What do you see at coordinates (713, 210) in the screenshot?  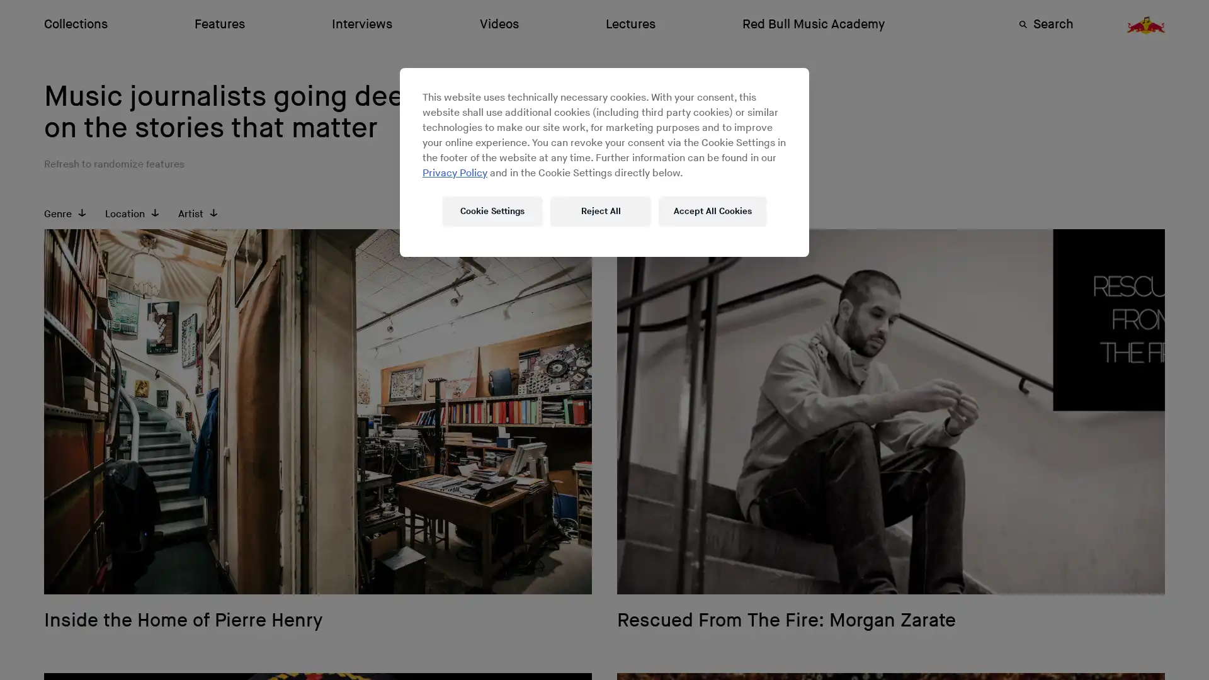 I see `Accept All Cookies` at bounding box center [713, 210].